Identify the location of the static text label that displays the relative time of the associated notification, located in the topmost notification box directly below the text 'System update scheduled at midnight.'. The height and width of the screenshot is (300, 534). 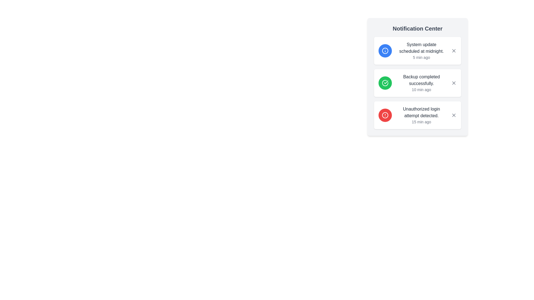
(421, 57).